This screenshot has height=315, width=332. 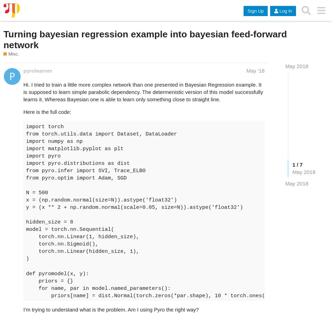 What do you see at coordinates (47, 111) in the screenshot?
I see `'Here is the full code:'` at bounding box center [47, 111].